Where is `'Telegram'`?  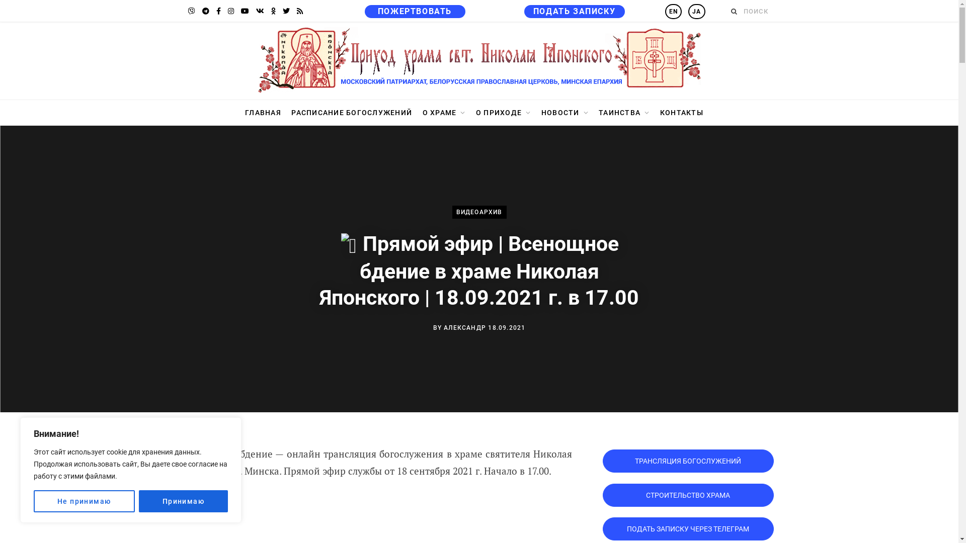 'Telegram' is located at coordinates (205, 11).